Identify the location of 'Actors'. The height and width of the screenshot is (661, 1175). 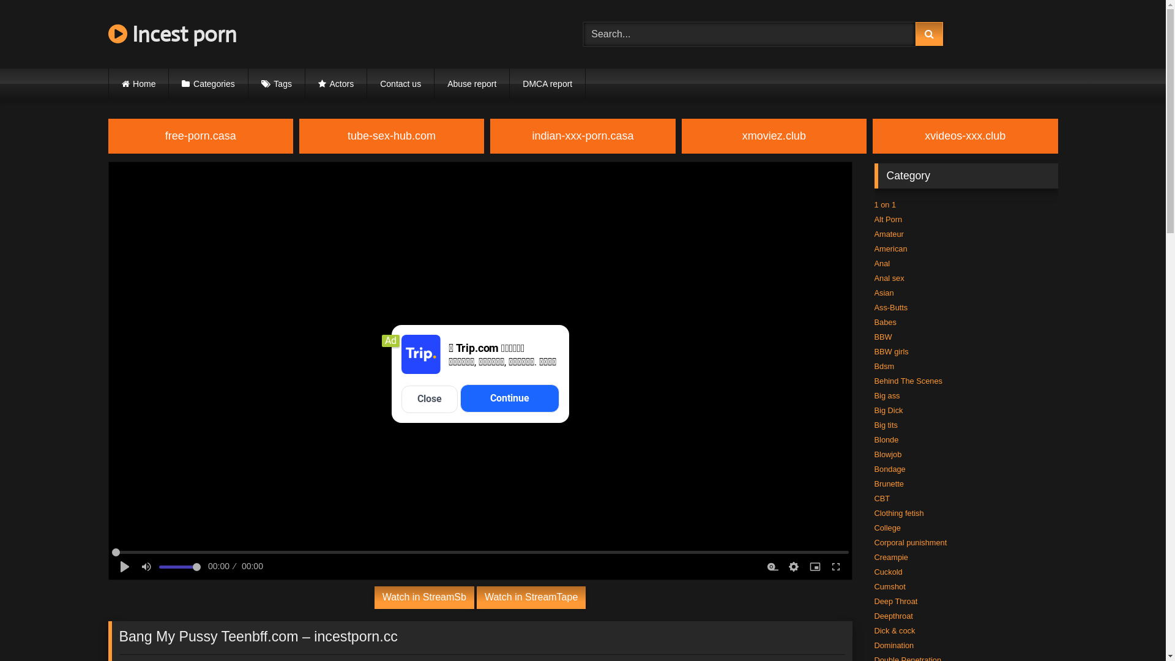
(335, 83).